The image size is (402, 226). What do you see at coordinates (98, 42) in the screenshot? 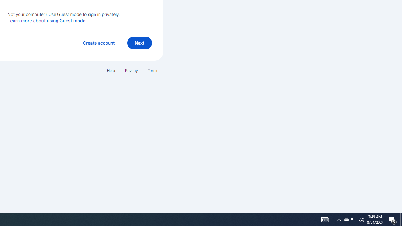
I see `'Create account'` at bounding box center [98, 42].